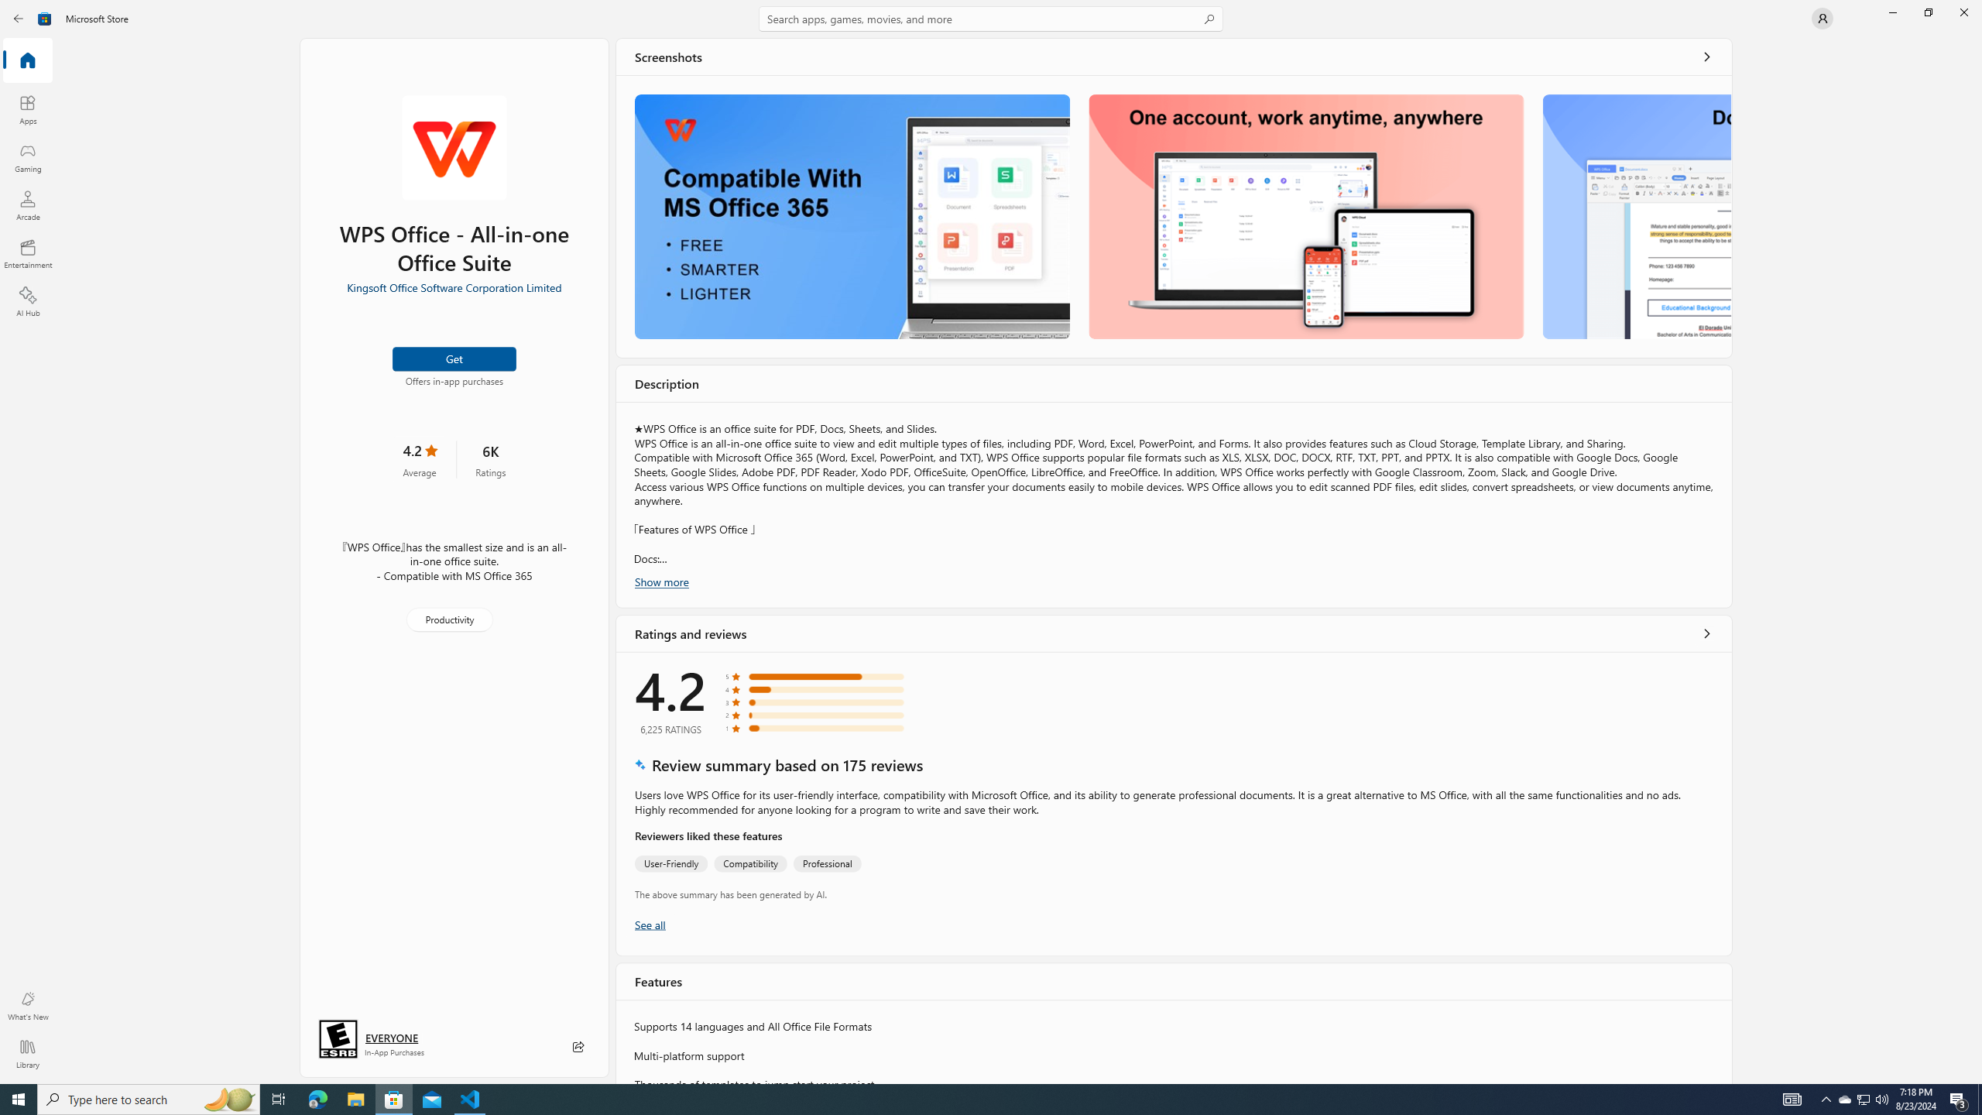 The width and height of the screenshot is (1982, 1115). Describe the element at coordinates (1306, 216) in the screenshot. I see `'Screenshot 2'` at that location.